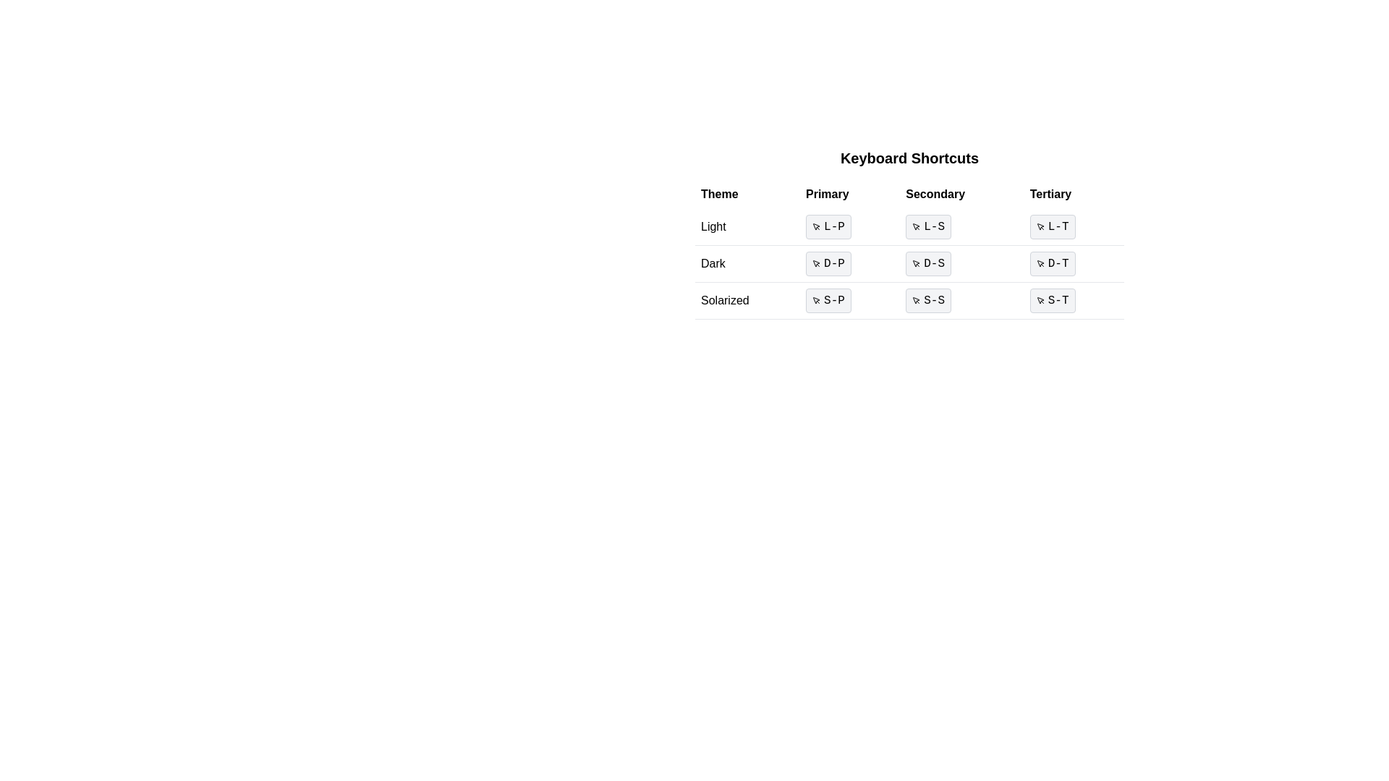 This screenshot has height=781, width=1389. What do you see at coordinates (828, 300) in the screenshot?
I see `the Label with an icon indicating the keyboard shortcut 'S-P' for the Solarized Primary function, located in the middle row of a three-row table, specifically in the third column labeled 'Solarized' under the 'Primary' section` at bounding box center [828, 300].